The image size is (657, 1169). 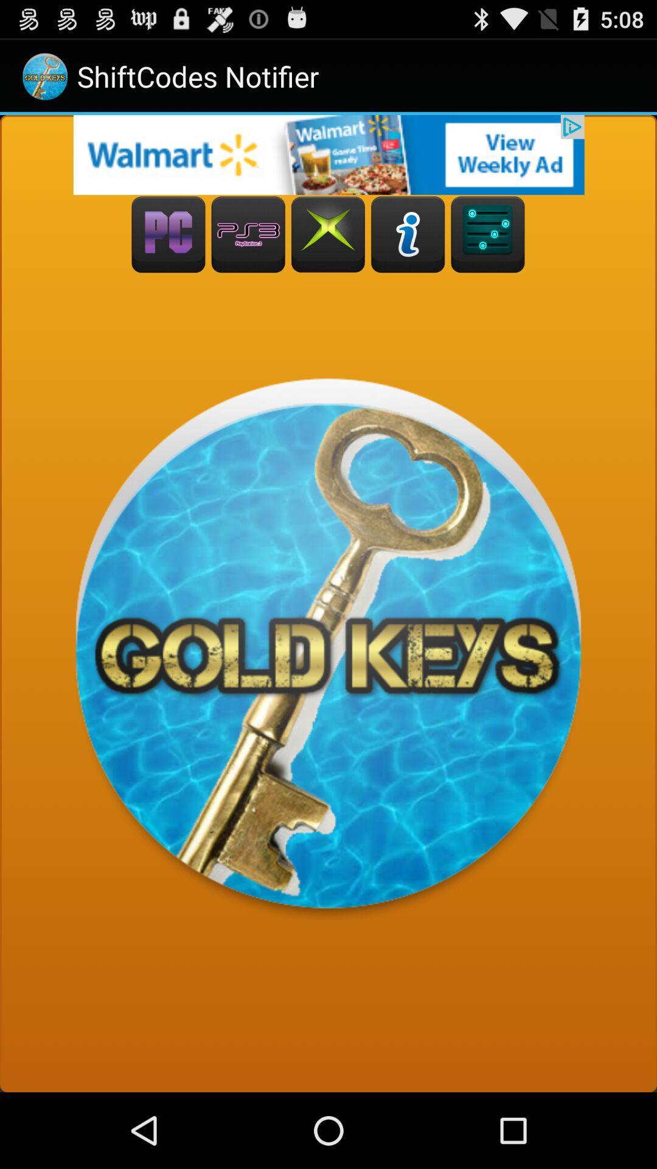 I want to click on launch pc, so click(x=169, y=234).